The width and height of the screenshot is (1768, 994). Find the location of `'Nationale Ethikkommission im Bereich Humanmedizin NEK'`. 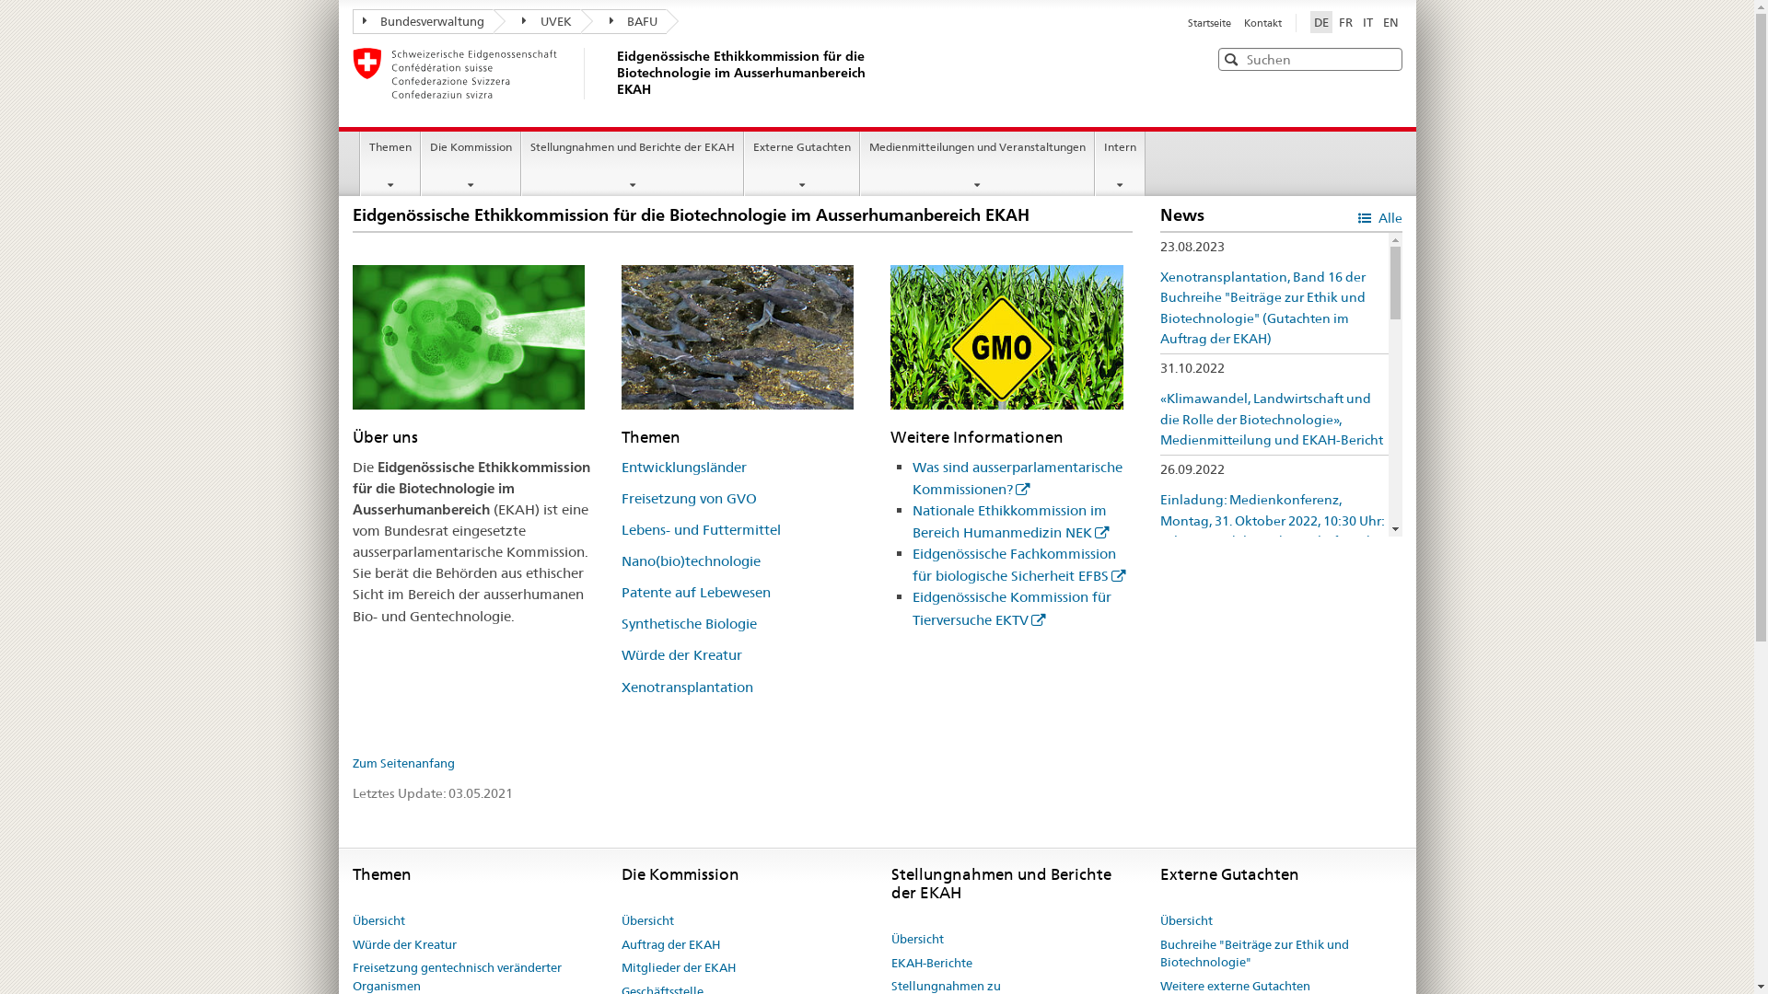

'Nationale Ethikkommission im Bereich Humanmedizin NEK' is located at coordinates (1009, 521).